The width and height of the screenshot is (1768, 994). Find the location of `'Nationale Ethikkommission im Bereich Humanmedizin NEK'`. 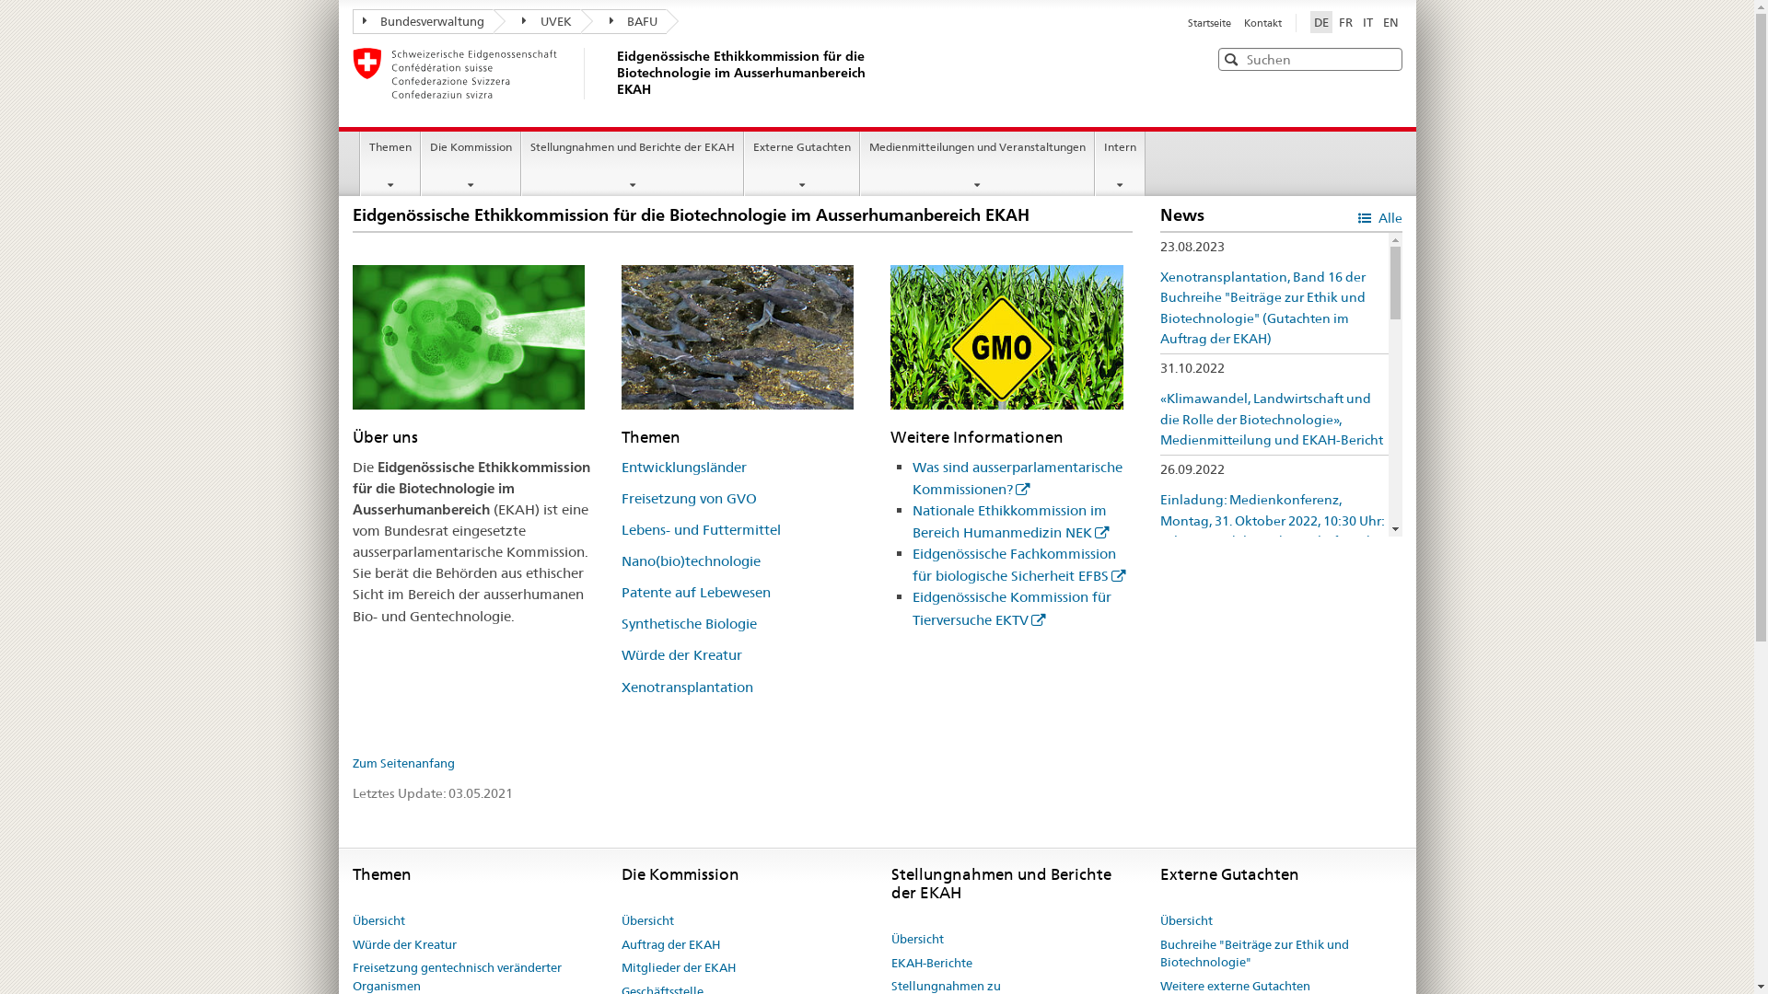

'Nationale Ethikkommission im Bereich Humanmedizin NEK' is located at coordinates (1009, 521).